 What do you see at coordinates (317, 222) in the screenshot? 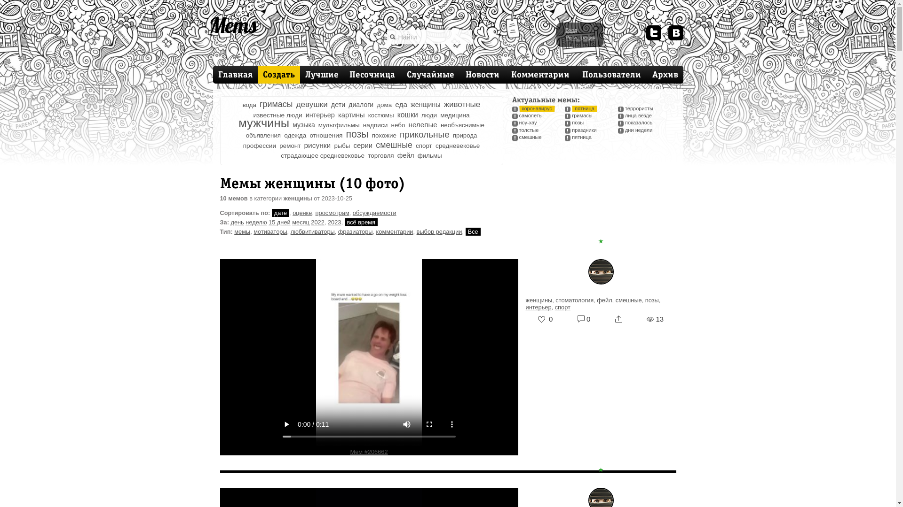
I see `'2022'` at bounding box center [317, 222].